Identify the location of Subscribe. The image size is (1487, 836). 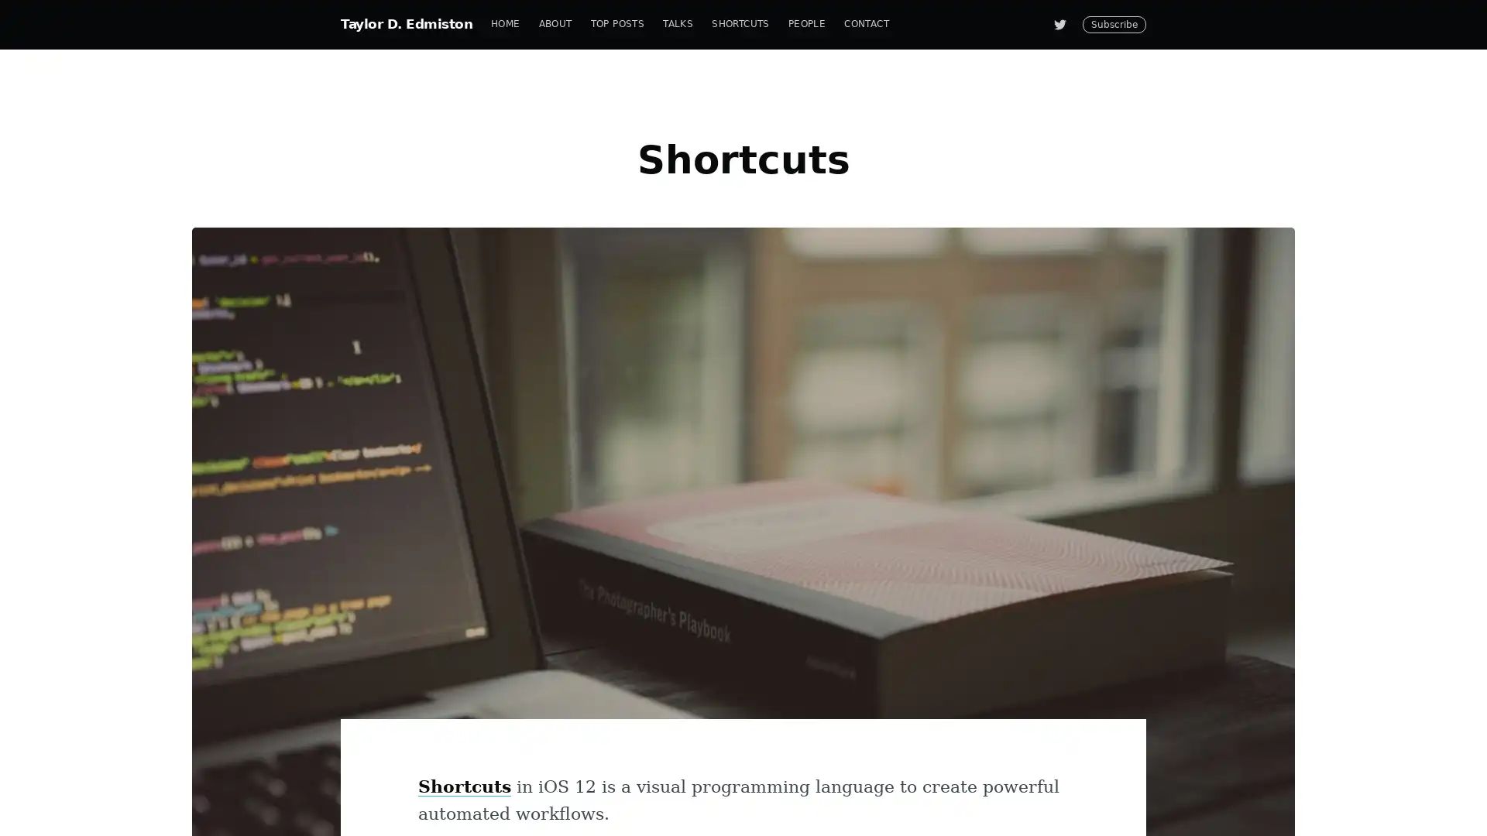
(884, 475).